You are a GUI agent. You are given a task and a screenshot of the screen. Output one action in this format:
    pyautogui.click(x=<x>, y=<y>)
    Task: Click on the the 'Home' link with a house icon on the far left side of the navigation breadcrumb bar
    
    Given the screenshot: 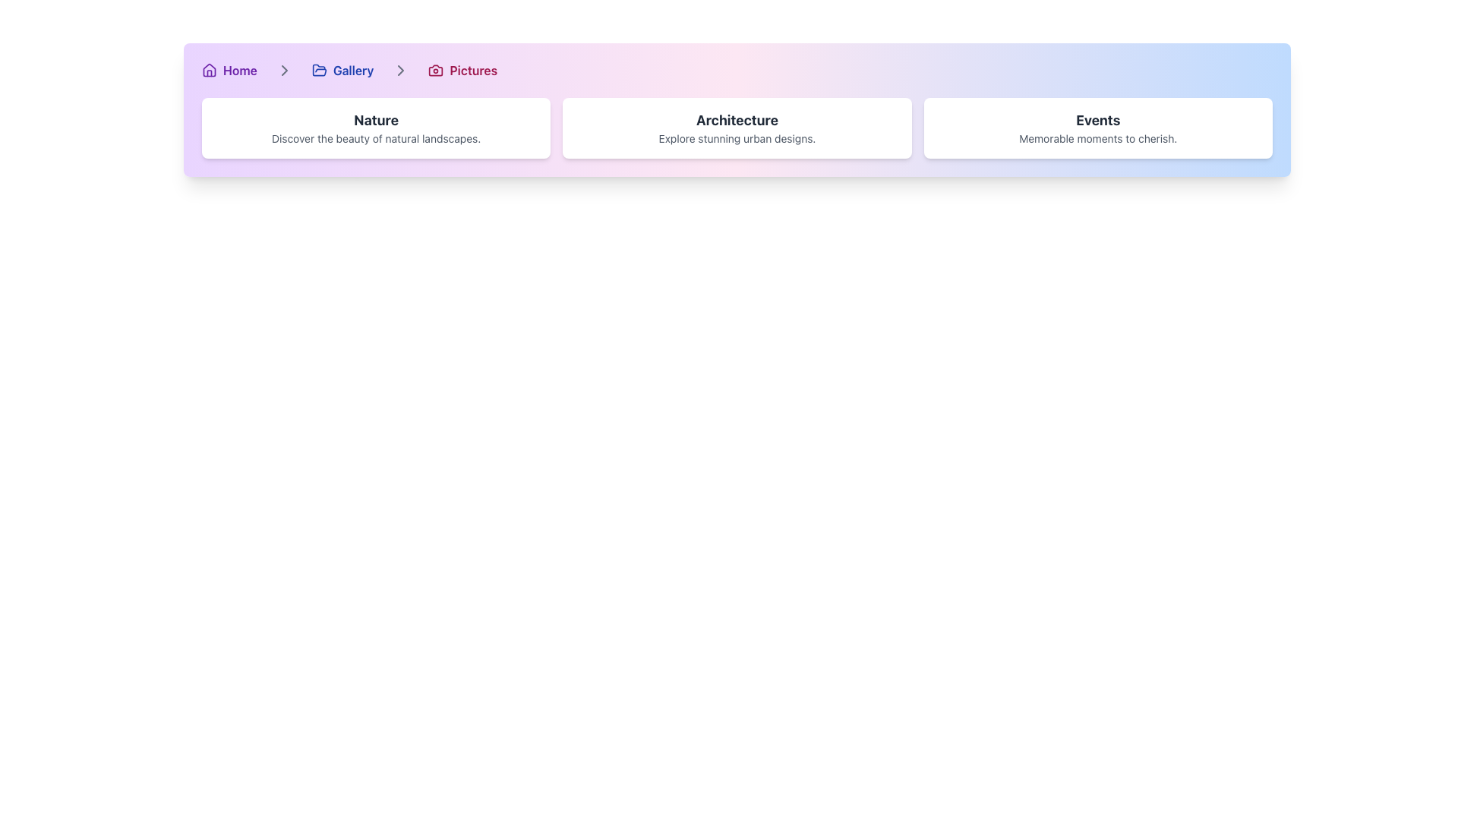 What is the action you would take?
    pyautogui.click(x=229, y=70)
    